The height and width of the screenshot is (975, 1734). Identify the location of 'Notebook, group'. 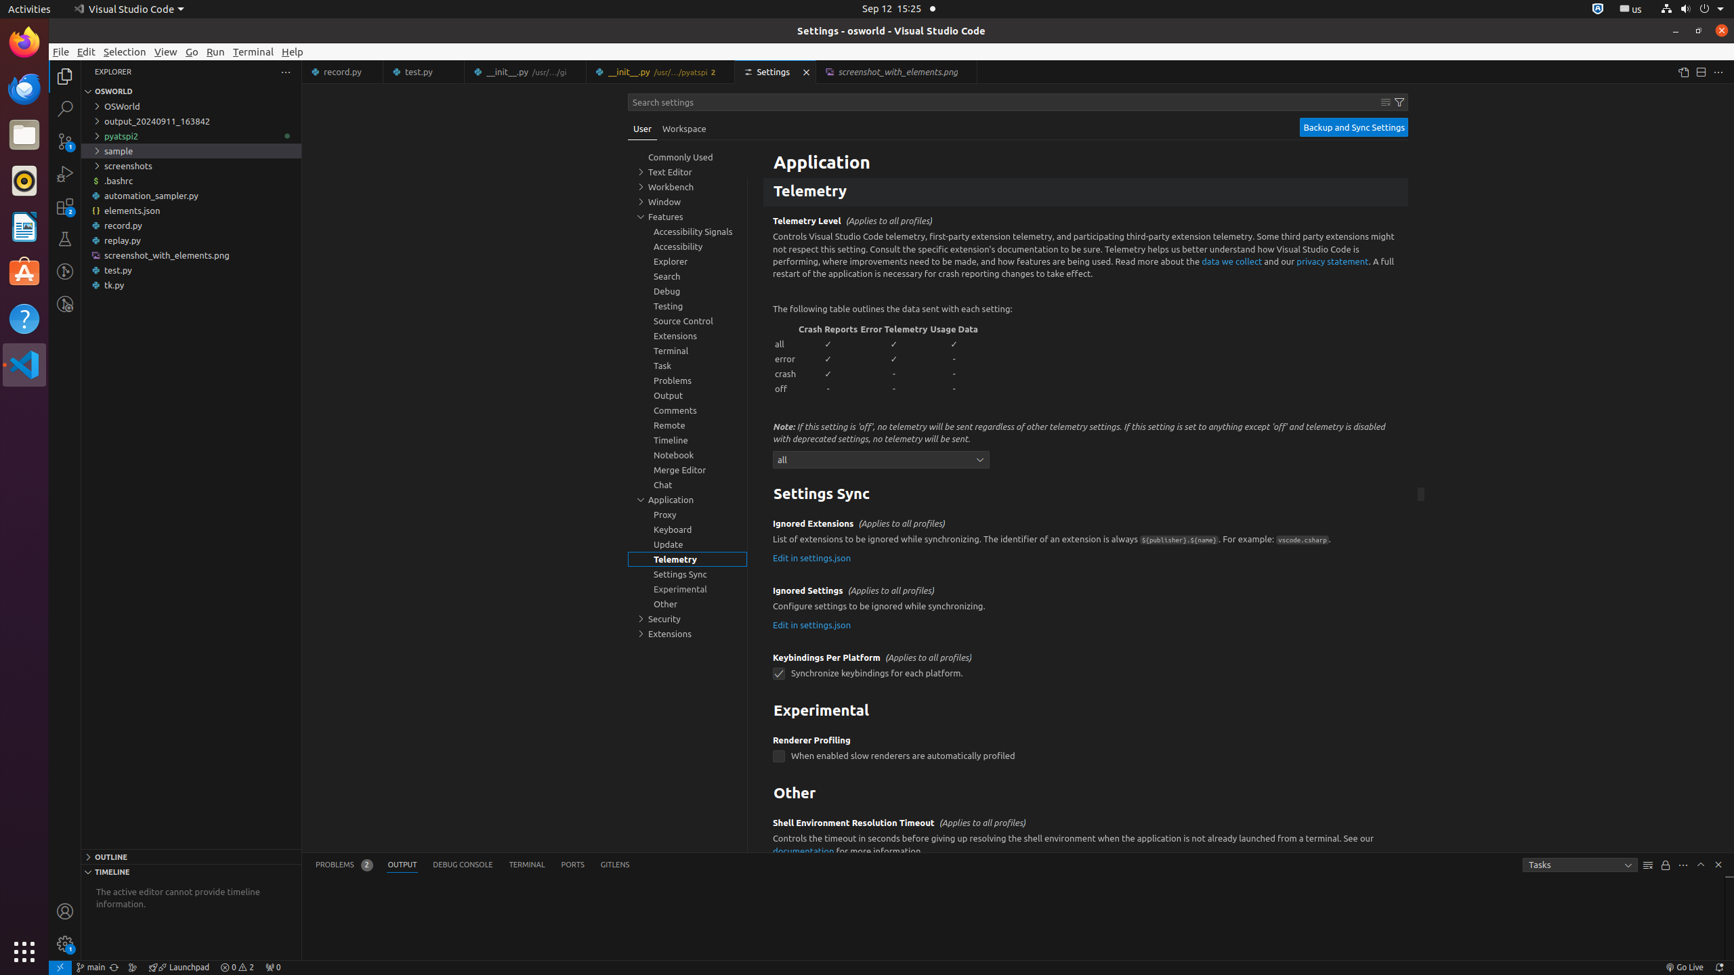
(688, 454).